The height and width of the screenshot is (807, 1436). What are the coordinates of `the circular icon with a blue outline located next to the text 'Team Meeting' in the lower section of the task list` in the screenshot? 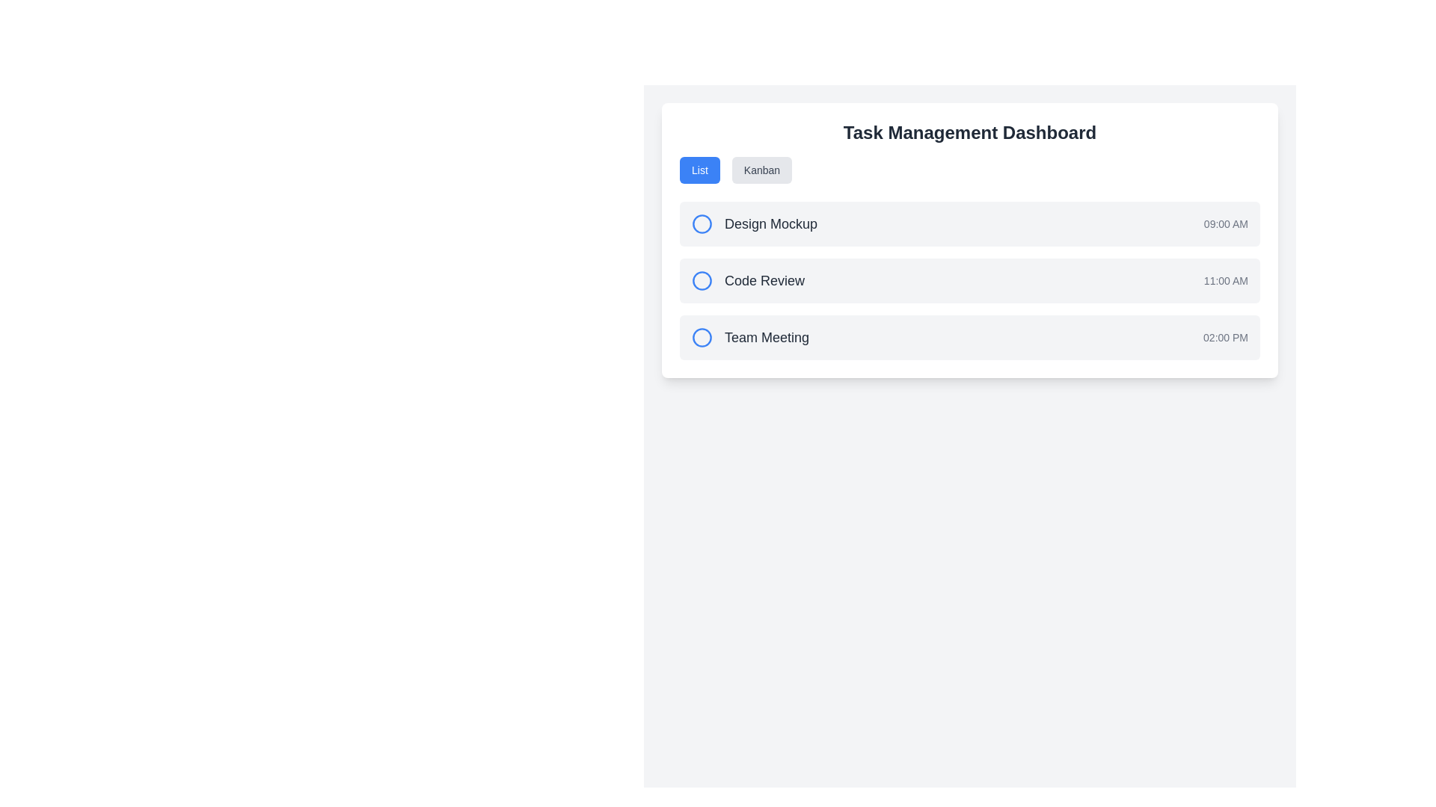 It's located at (702, 337).